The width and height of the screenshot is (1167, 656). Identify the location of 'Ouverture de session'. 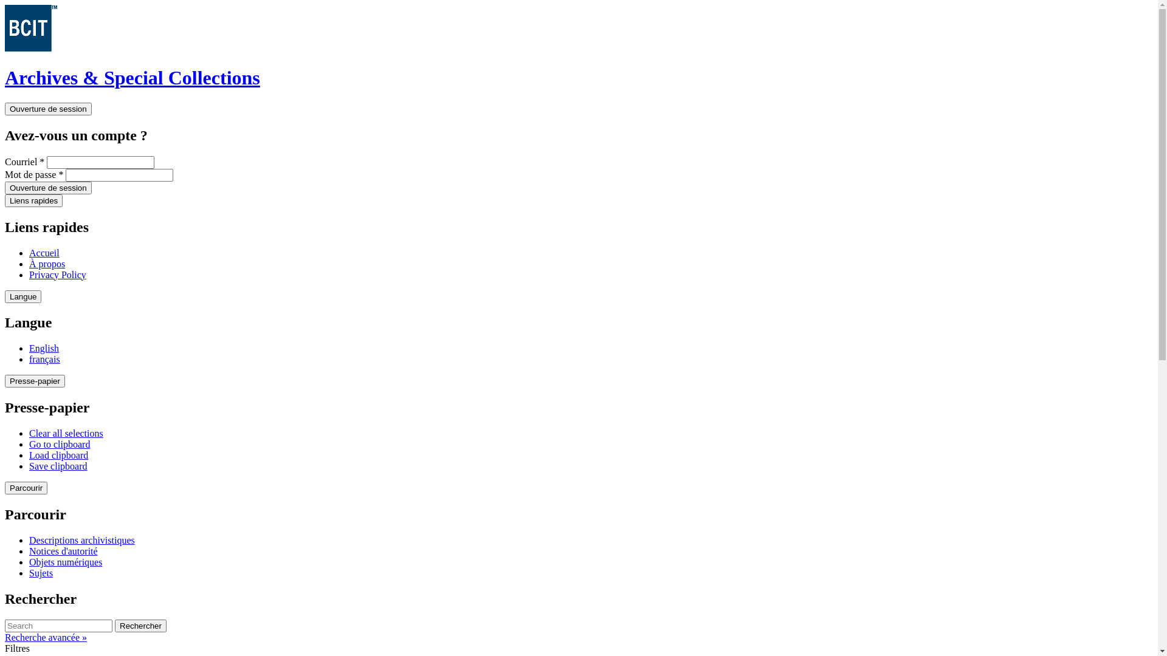
(48, 108).